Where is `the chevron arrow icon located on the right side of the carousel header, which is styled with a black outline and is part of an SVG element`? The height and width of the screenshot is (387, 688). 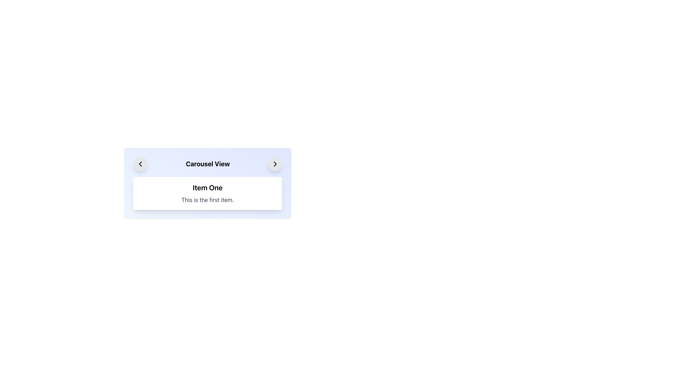
the chevron arrow icon located on the right side of the carousel header, which is styled with a black outline and is part of an SVG element is located at coordinates (275, 164).